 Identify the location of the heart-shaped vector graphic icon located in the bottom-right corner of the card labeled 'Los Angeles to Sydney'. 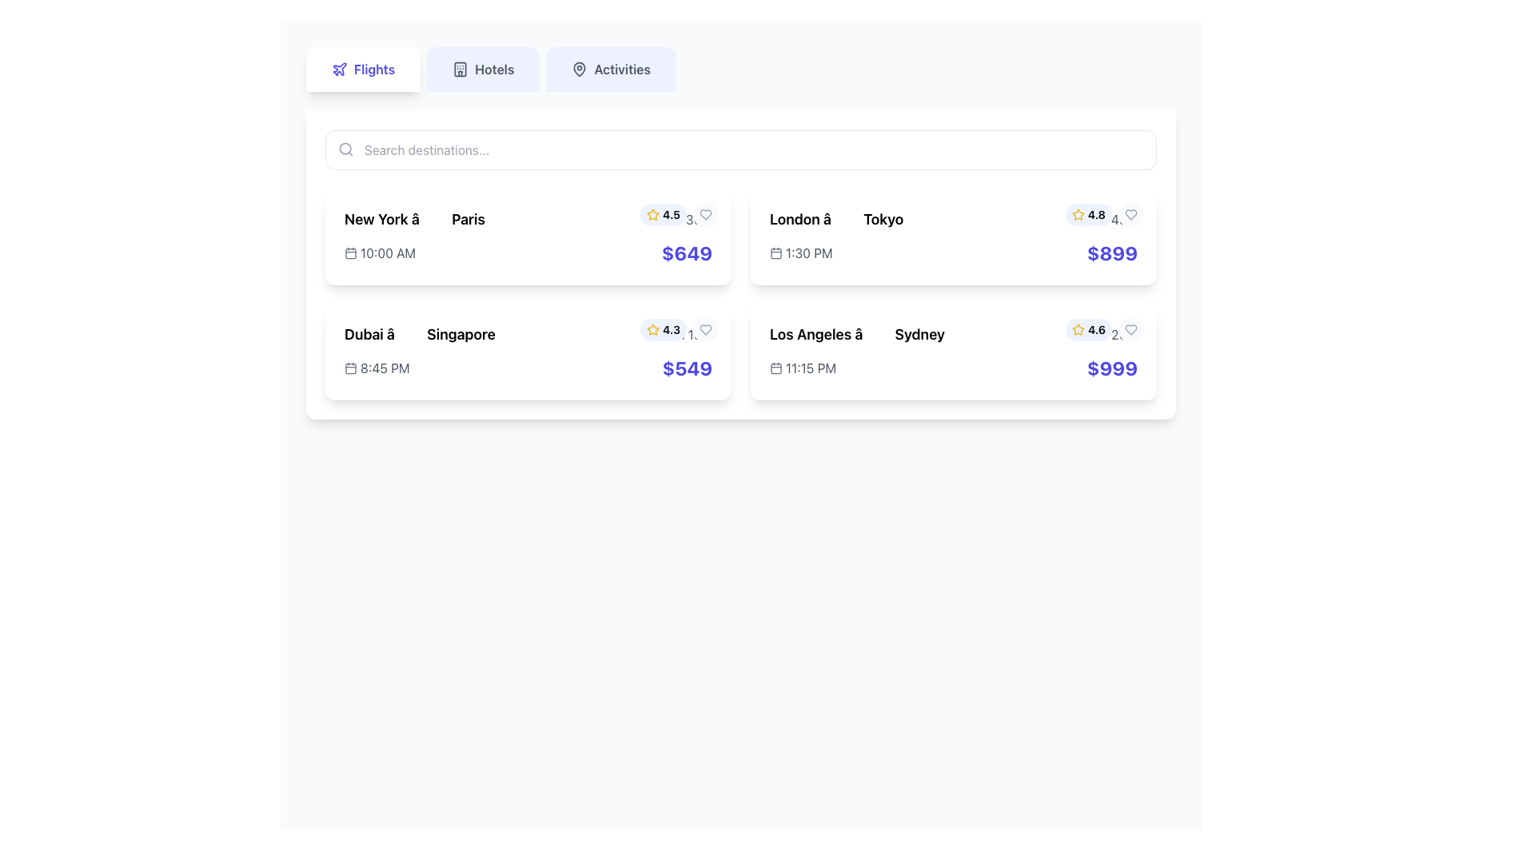
(1130, 328).